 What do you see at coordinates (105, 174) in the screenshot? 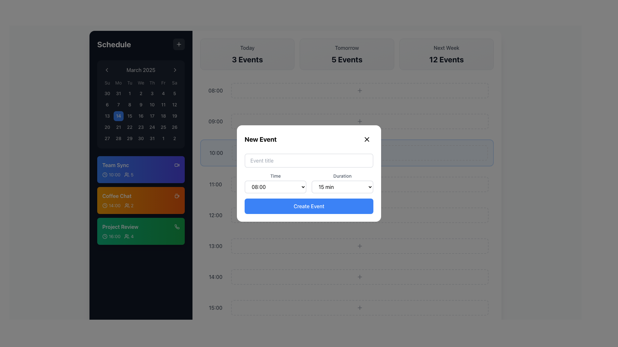
I see `the circular icon in the left sidebar next to the 'Team Sync' schedule item, located just before '10:00'` at bounding box center [105, 174].